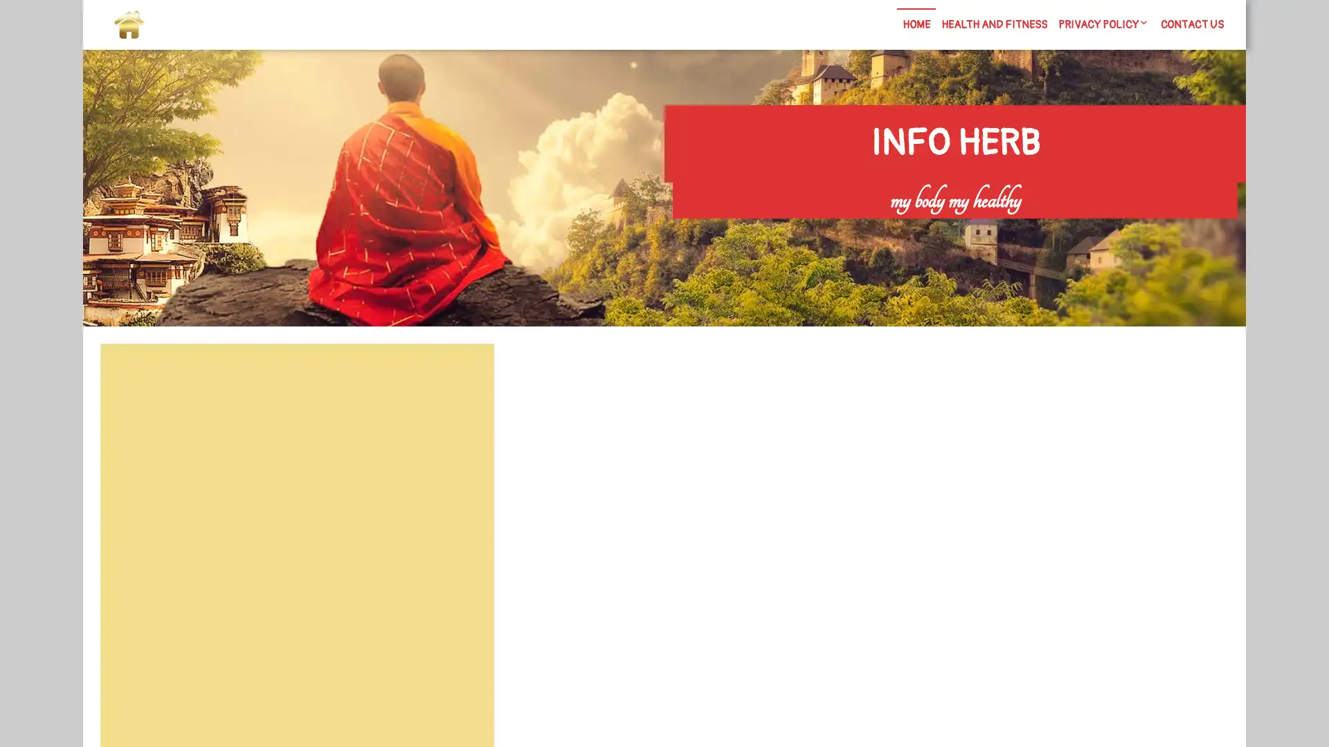 Image resolution: width=1329 pixels, height=747 pixels. I want to click on Search, so click(462, 377).